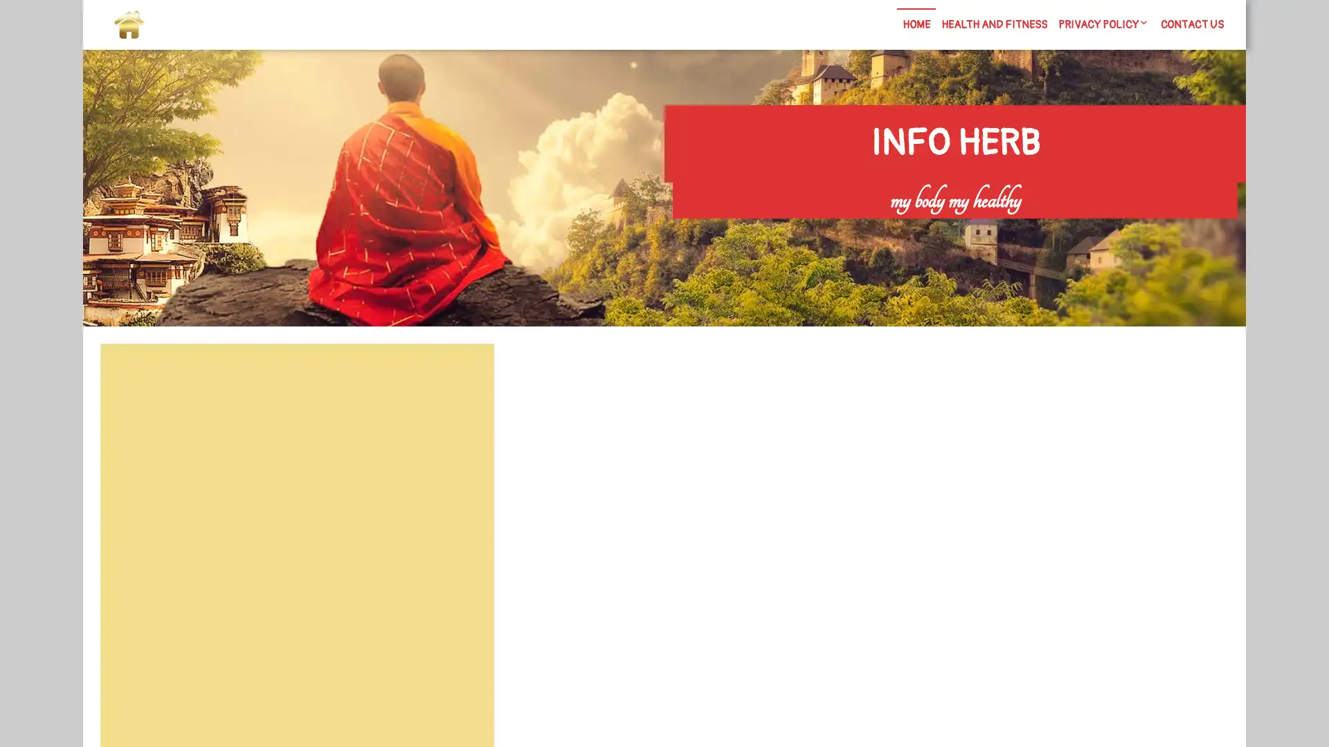 Image resolution: width=1329 pixels, height=747 pixels. I want to click on Search, so click(462, 377).